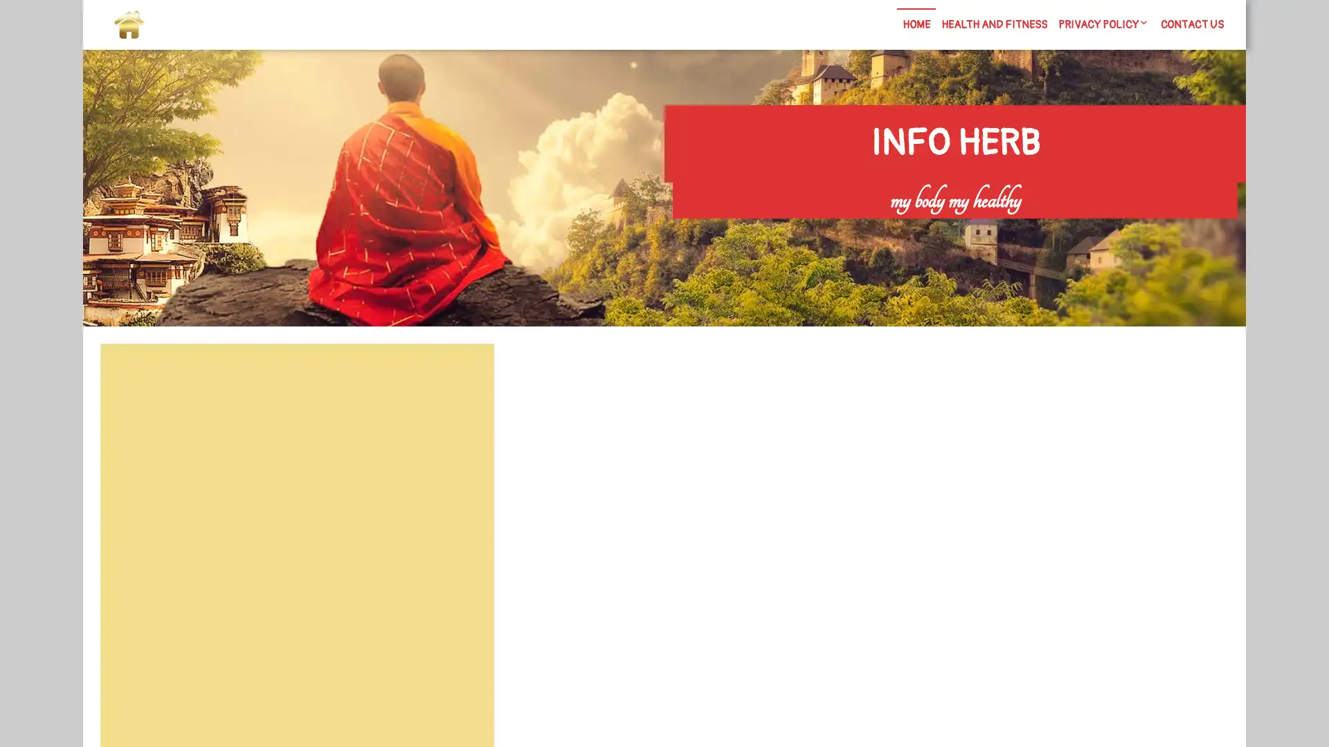 Image resolution: width=1329 pixels, height=747 pixels. I want to click on Search, so click(462, 377).